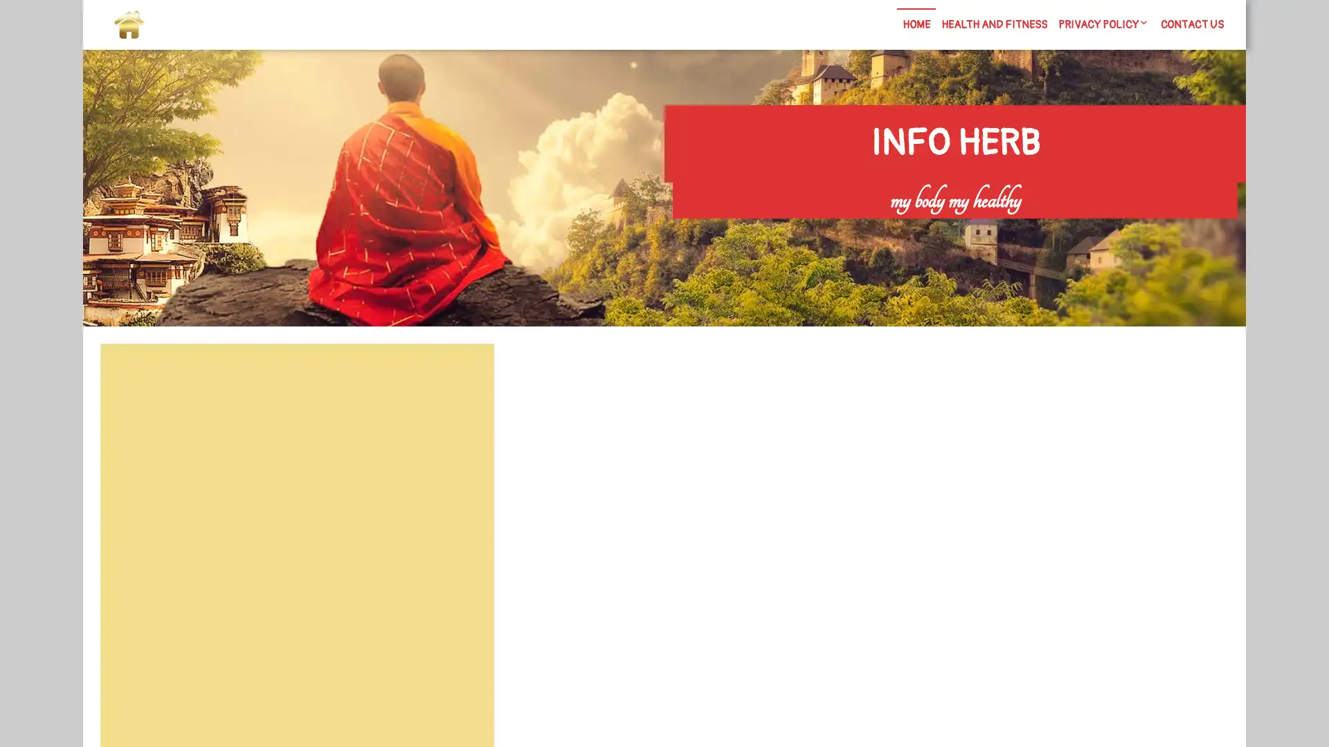 Image resolution: width=1329 pixels, height=747 pixels. I want to click on Search, so click(462, 377).